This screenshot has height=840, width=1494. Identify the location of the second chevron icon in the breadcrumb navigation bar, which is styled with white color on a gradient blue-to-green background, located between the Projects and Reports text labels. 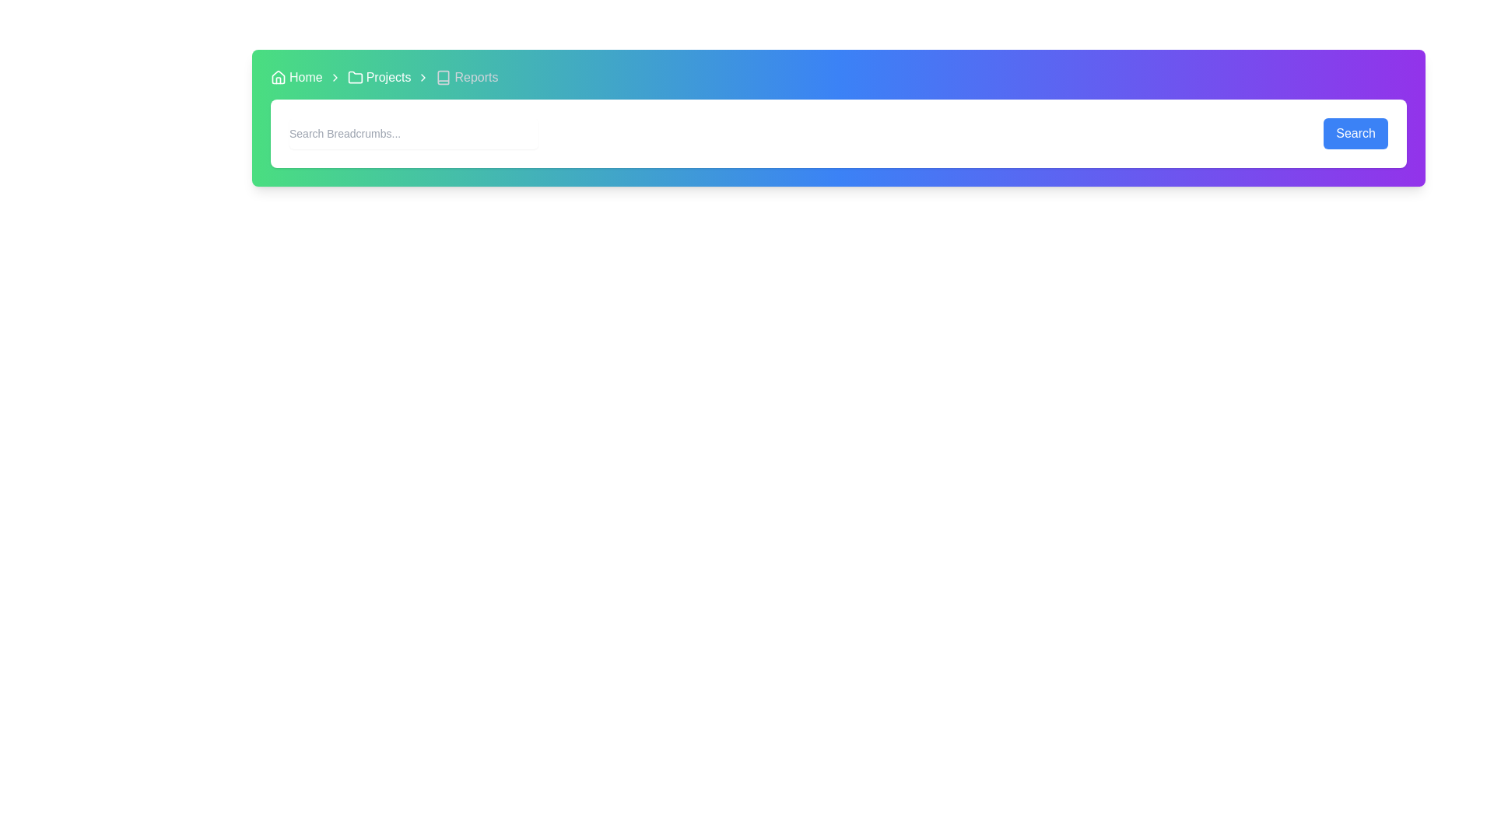
(423, 78).